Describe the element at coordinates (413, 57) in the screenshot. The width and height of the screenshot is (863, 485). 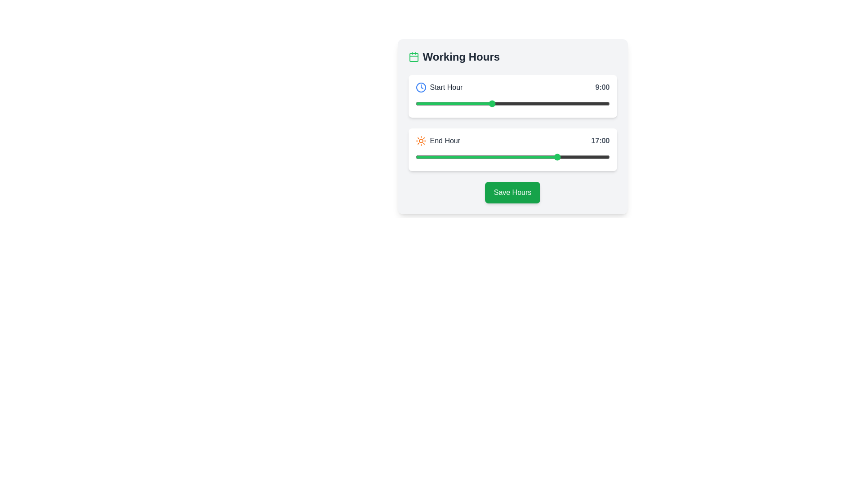
I see `the green rounded rectangle icon that is part of a calendar icon, located to the left of the 'Working Hours' text` at that location.